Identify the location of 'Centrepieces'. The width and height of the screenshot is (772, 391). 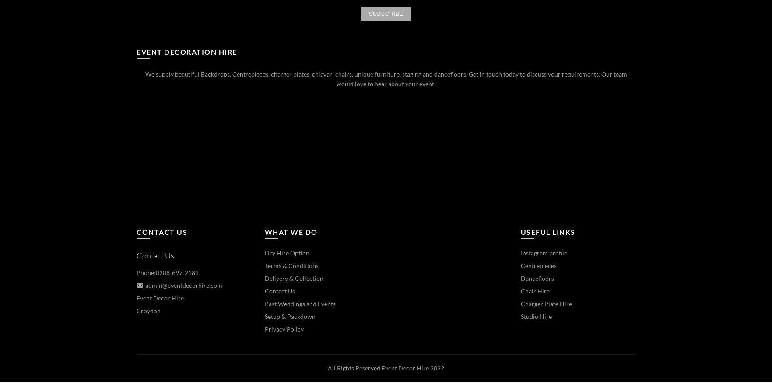
(538, 265).